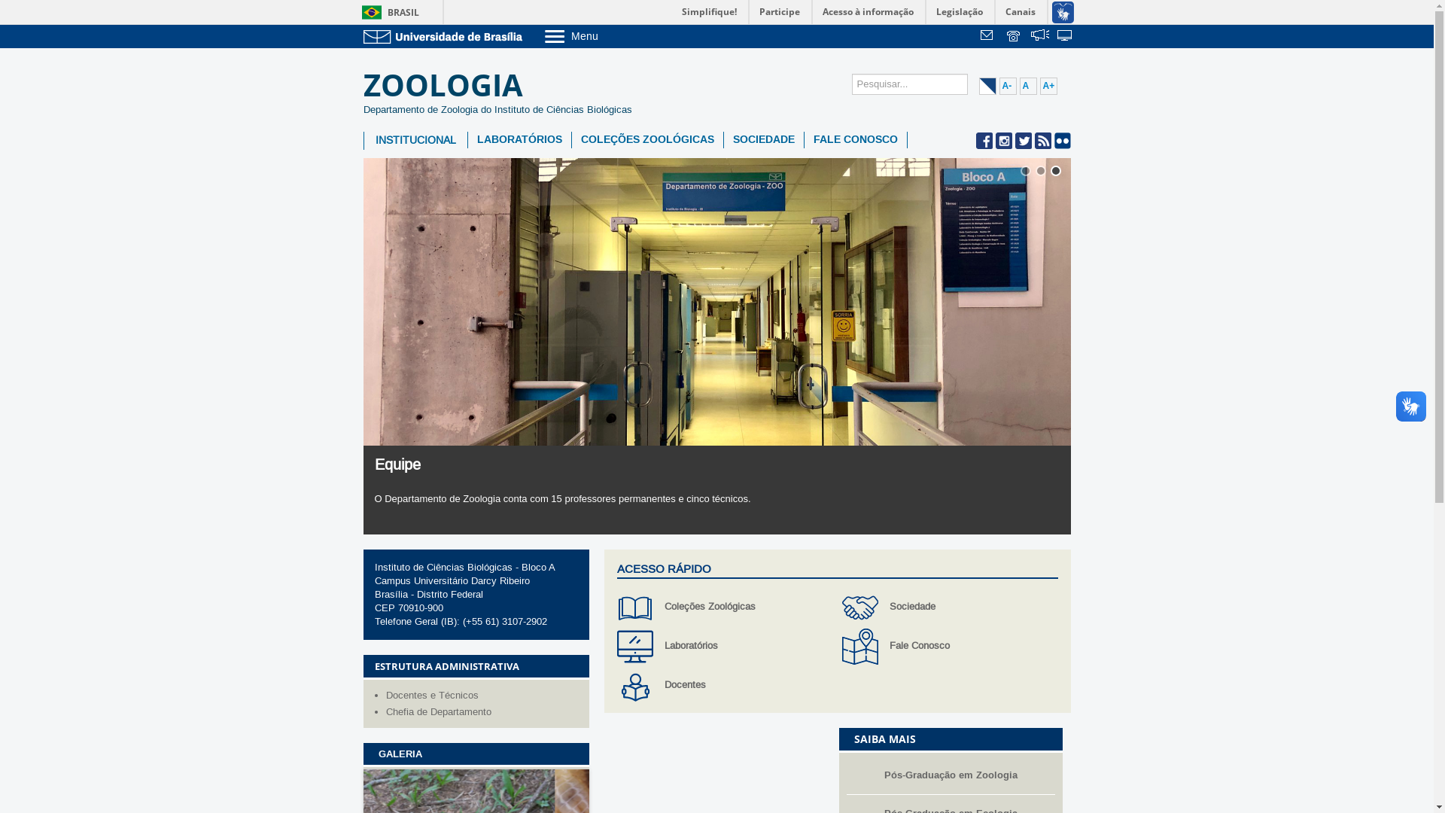 The width and height of the screenshot is (1445, 813). Describe the element at coordinates (1005, 36) in the screenshot. I see `'Telefones da UnB'` at that location.